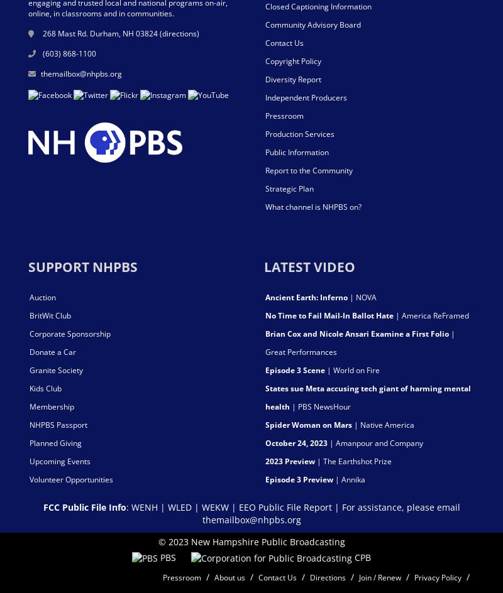  Describe the element at coordinates (284, 41) in the screenshot. I see `'Contact Us'` at that location.